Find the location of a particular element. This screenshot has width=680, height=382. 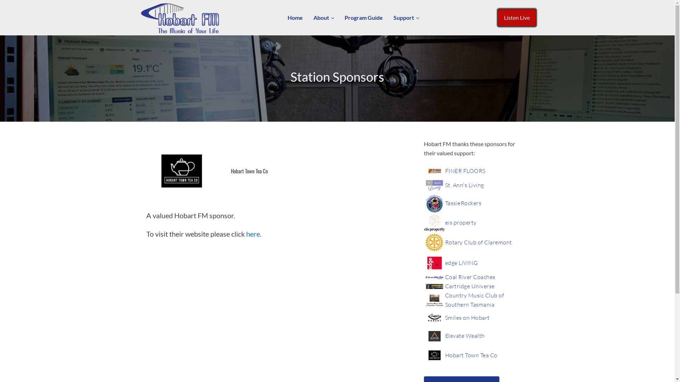

'St. Ann's Living' is located at coordinates (464, 185).